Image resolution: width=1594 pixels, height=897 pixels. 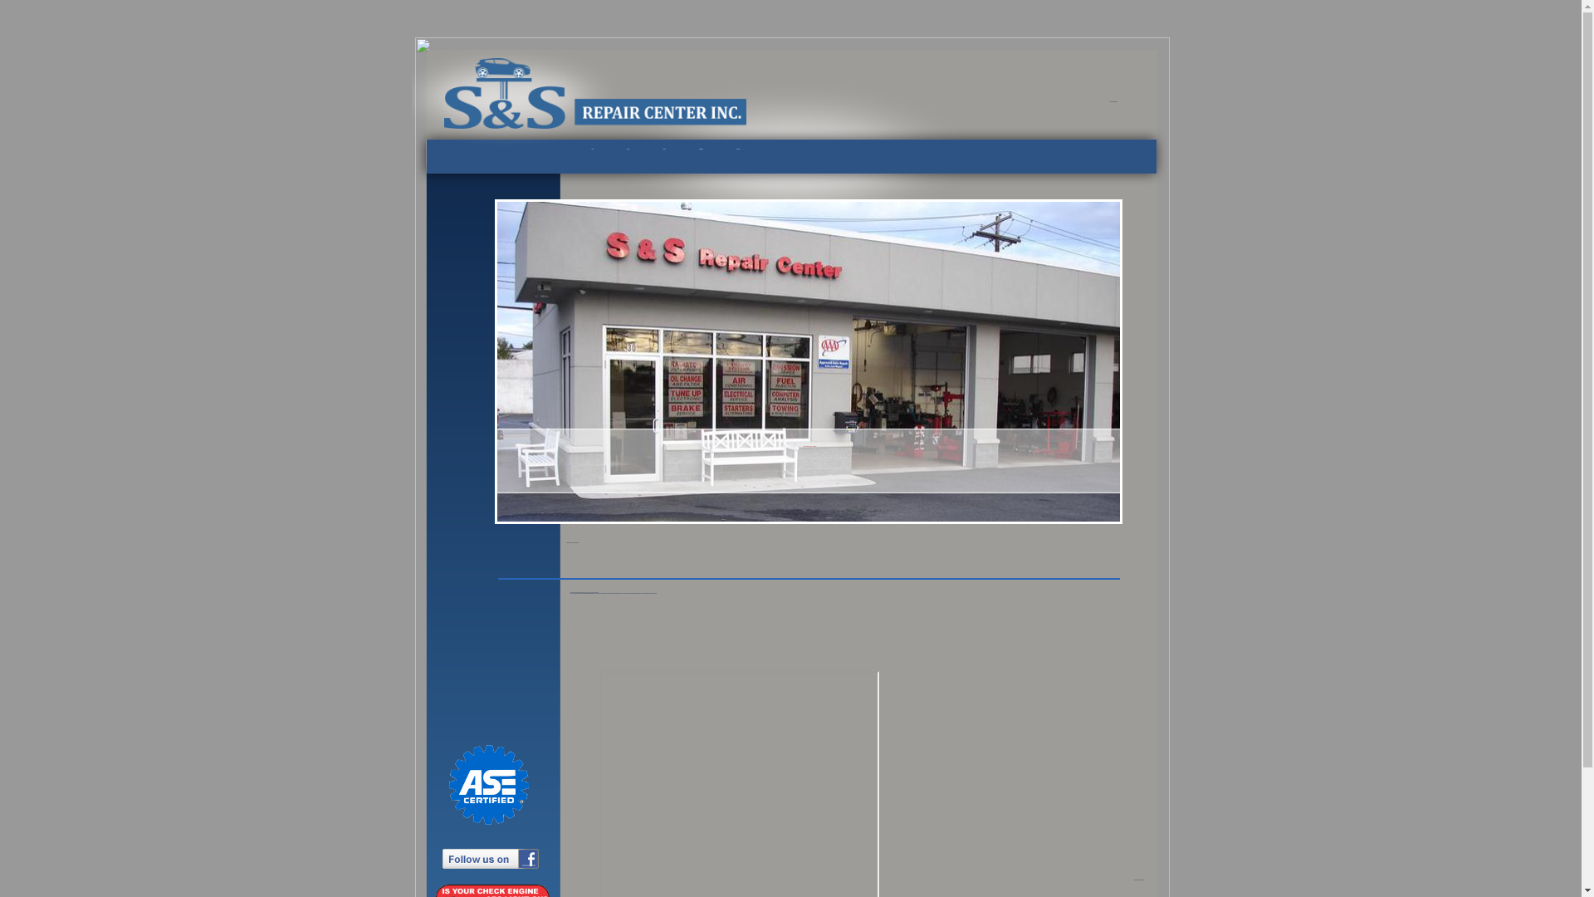 What do you see at coordinates (701, 148) in the screenshot?
I see `'Testimonials'` at bounding box center [701, 148].